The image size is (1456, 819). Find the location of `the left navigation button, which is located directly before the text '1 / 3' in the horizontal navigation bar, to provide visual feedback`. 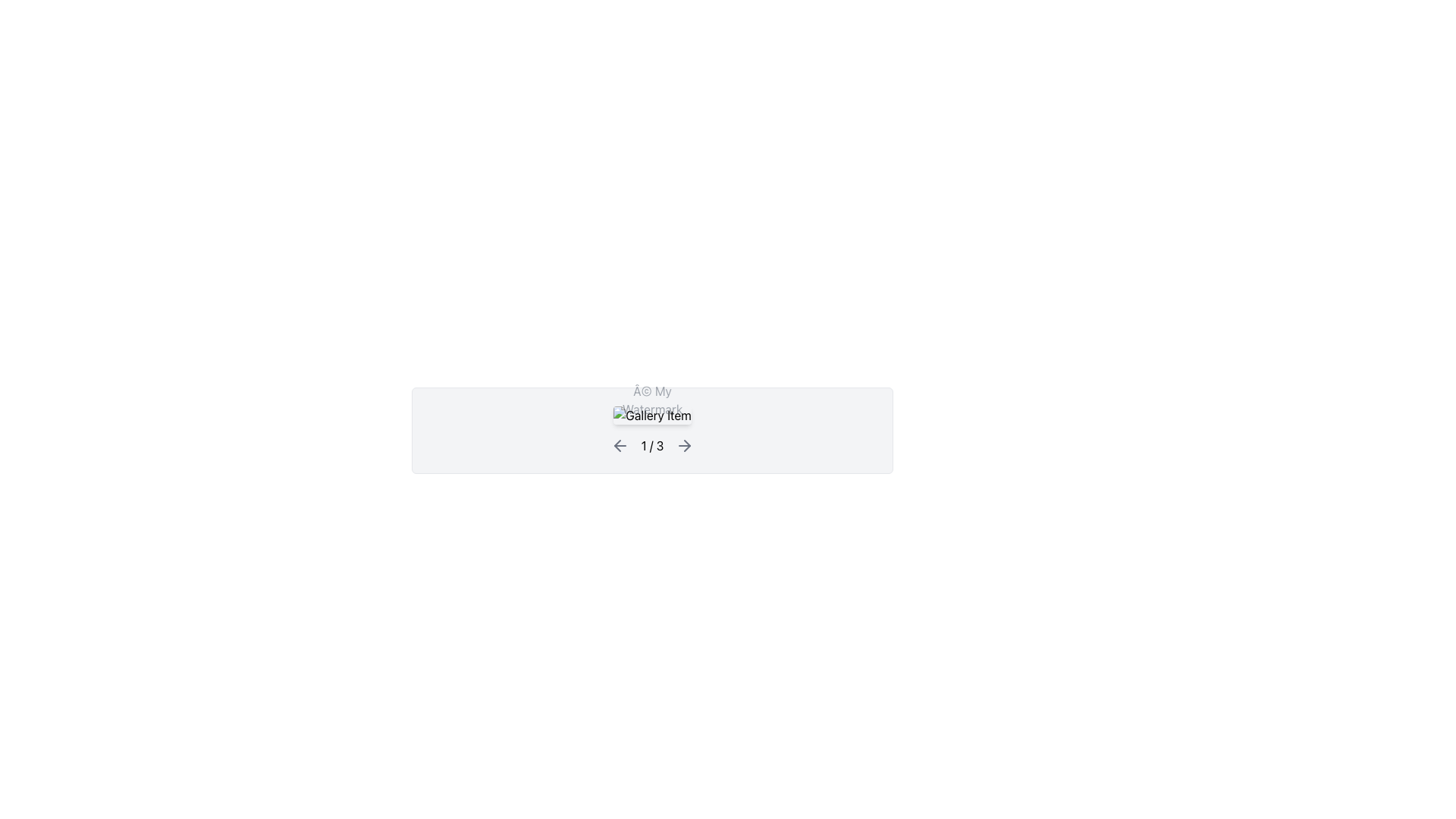

the left navigation button, which is located directly before the text '1 / 3' in the horizontal navigation bar, to provide visual feedback is located at coordinates (620, 444).